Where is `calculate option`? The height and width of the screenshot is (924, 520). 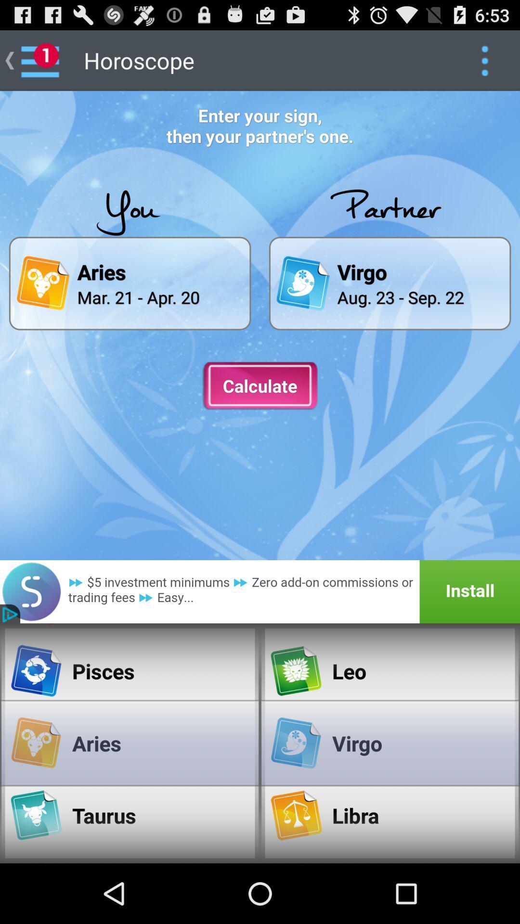
calculate option is located at coordinates (260, 386).